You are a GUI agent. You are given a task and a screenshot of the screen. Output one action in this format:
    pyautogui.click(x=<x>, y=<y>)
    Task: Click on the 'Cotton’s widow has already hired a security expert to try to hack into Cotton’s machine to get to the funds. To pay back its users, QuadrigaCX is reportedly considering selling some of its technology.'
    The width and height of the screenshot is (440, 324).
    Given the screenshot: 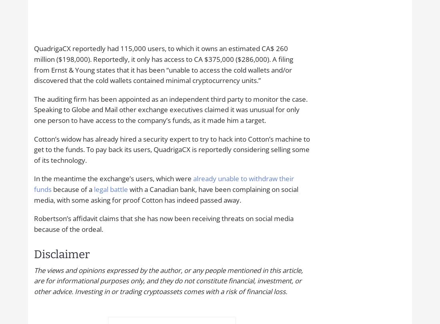 What is the action you would take?
    pyautogui.click(x=171, y=149)
    